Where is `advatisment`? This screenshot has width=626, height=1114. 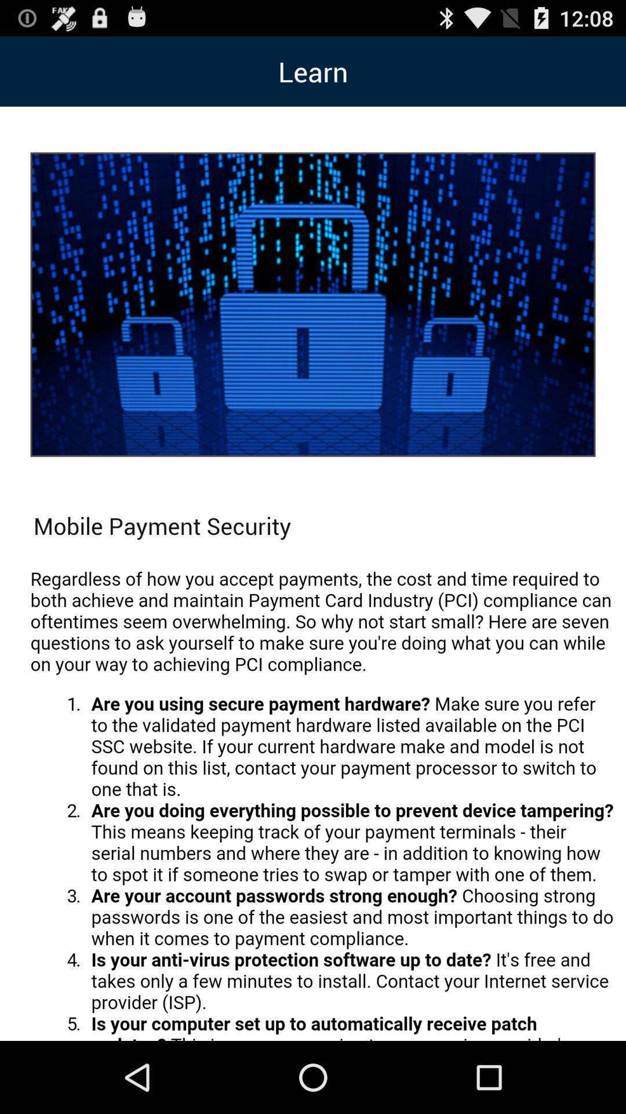 advatisment is located at coordinates (322, 798).